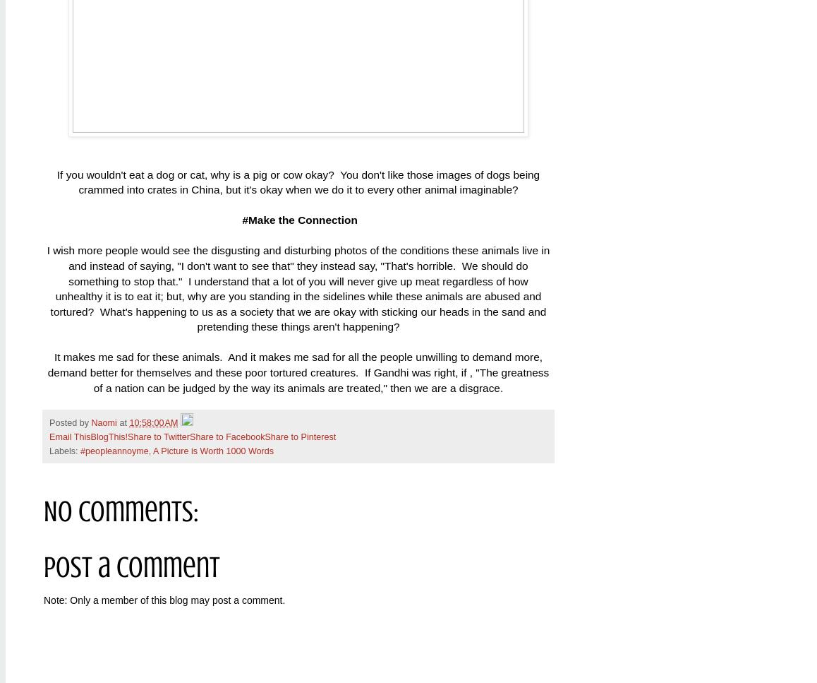 The height and width of the screenshot is (683, 817). What do you see at coordinates (102, 422) in the screenshot?
I see `'Naomi'` at bounding box center [102, 422].